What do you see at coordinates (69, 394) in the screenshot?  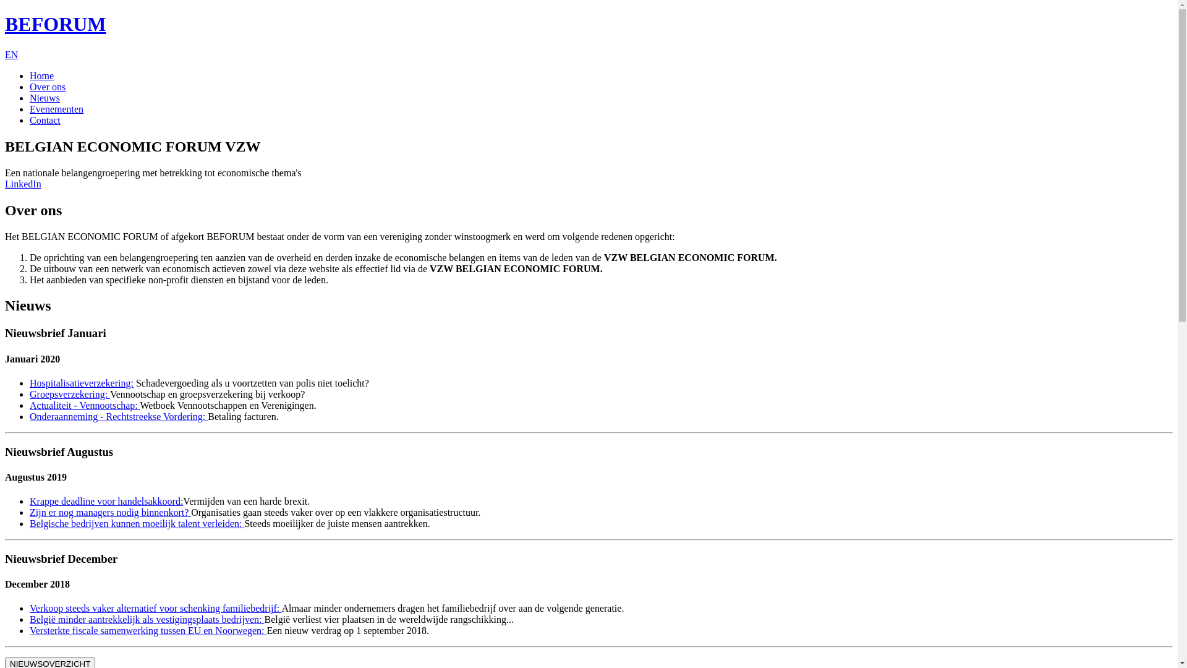 I see `'Groepsverzekering:'` at bounding box center [69, 394].